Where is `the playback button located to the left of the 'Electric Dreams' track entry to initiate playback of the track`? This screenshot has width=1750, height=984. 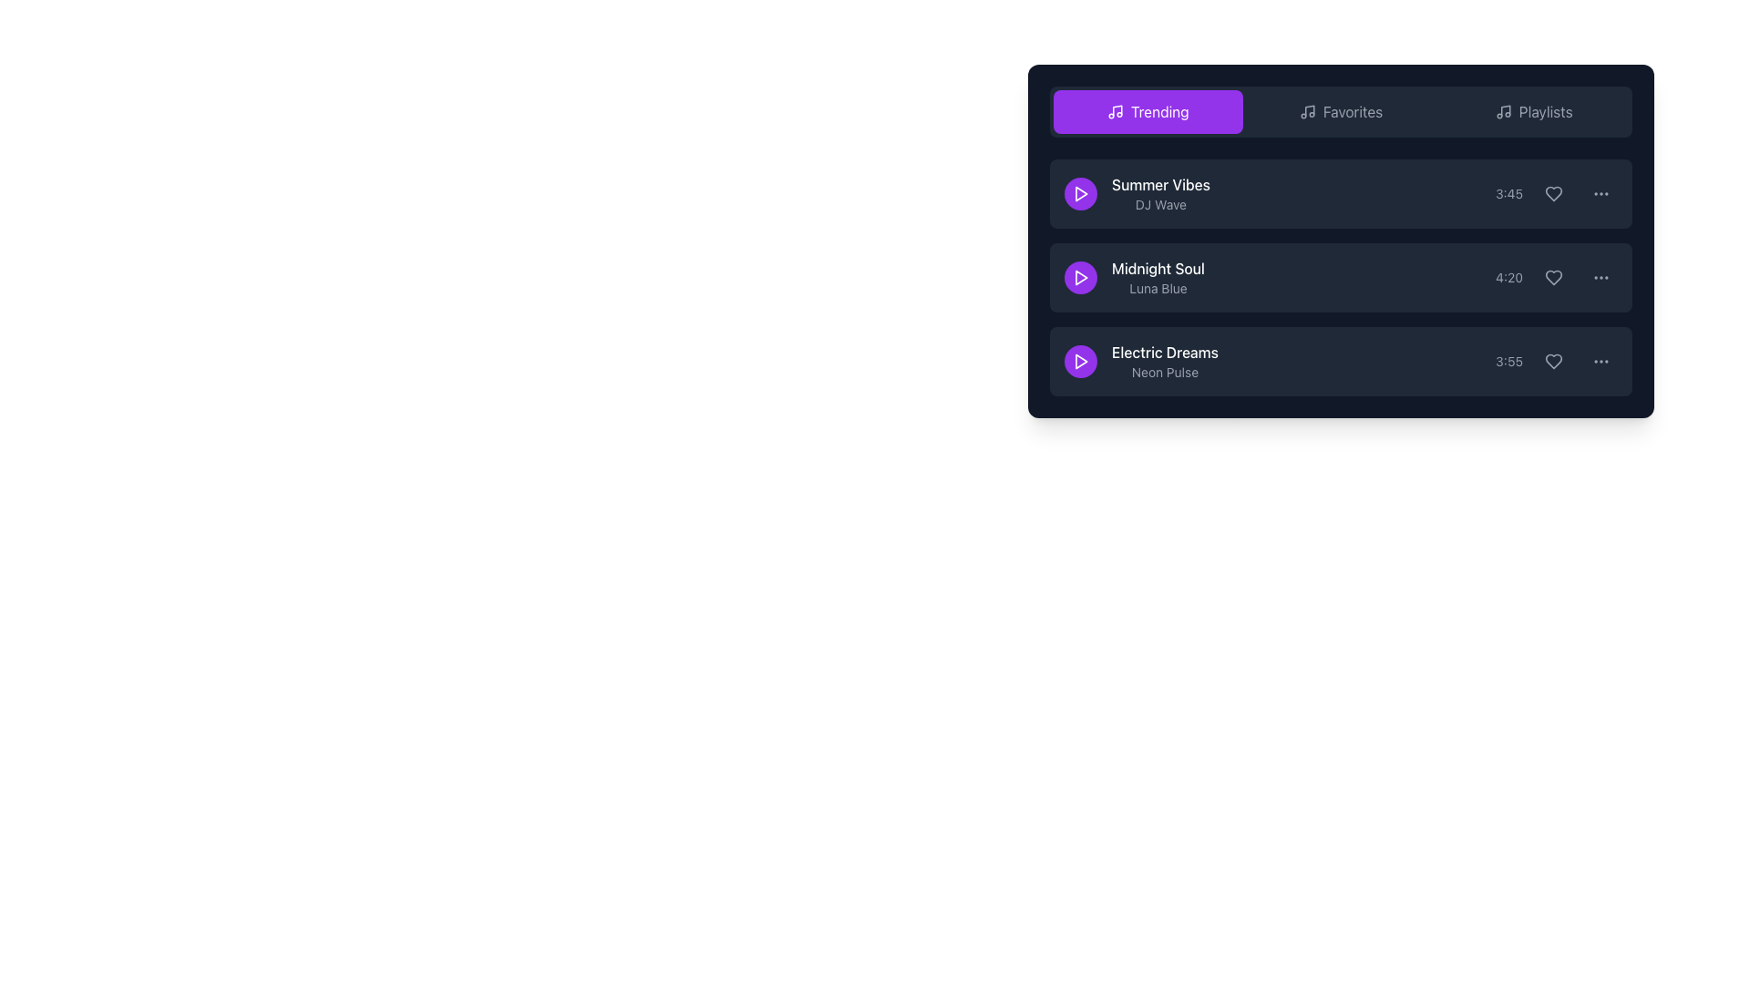 the playback button located to the left of the 'Electric Dreams' track entry to initiate playback of the track is located at coordinates (1080, 362).